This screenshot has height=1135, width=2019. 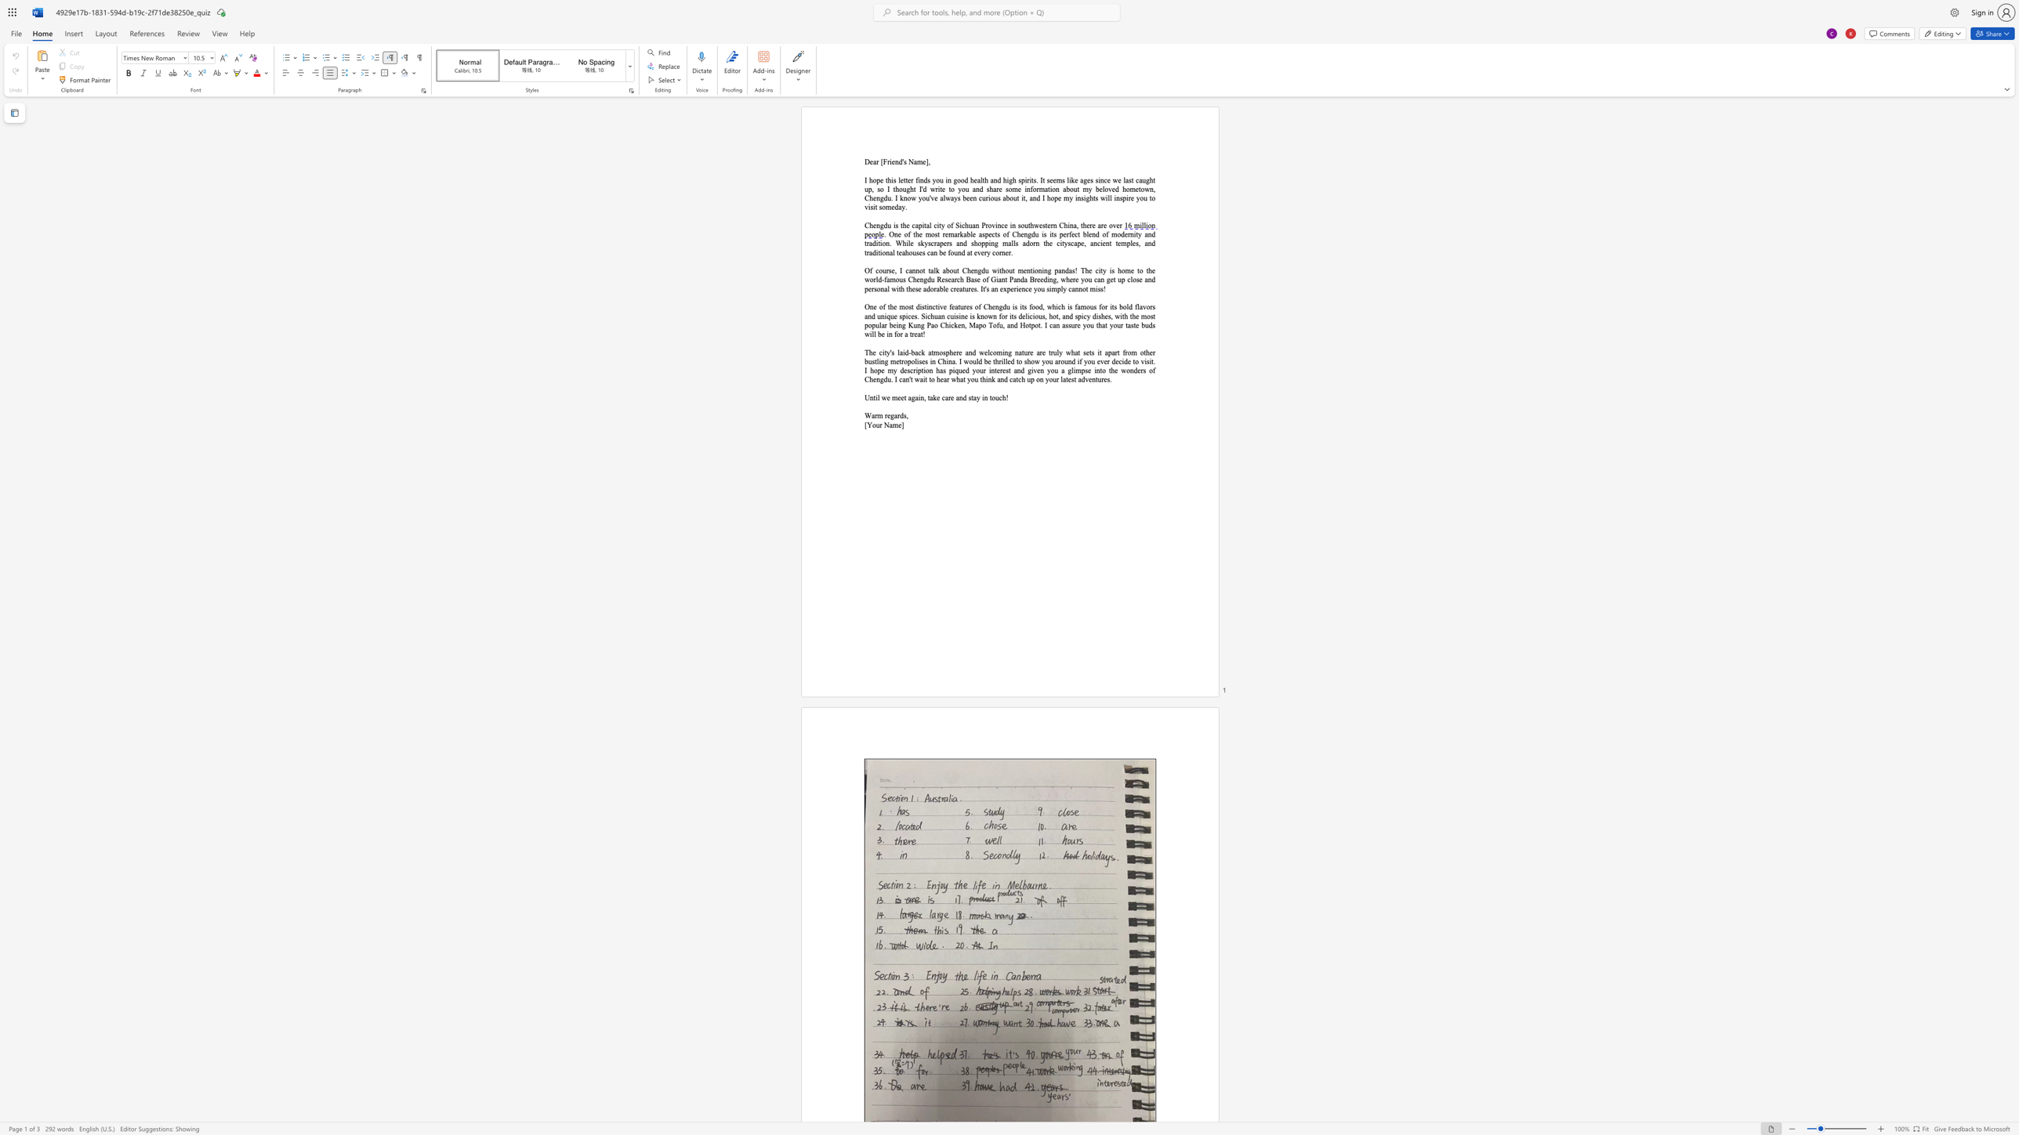 I want to click on the space between the continuous character "r" and "e" in the text, so click(x=1131, y=197).